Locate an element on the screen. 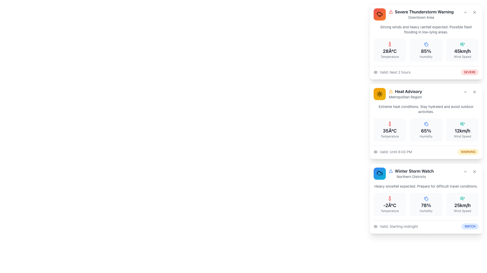 The height and width of the screenshot is (273, 487). the text label displaying 'Valid: Until 8:00 PM' with a small eye icon, located at the bottom left of the 'Heat Advisory' card, just above the 'WARNING' button is located at coordinates (392, 152).